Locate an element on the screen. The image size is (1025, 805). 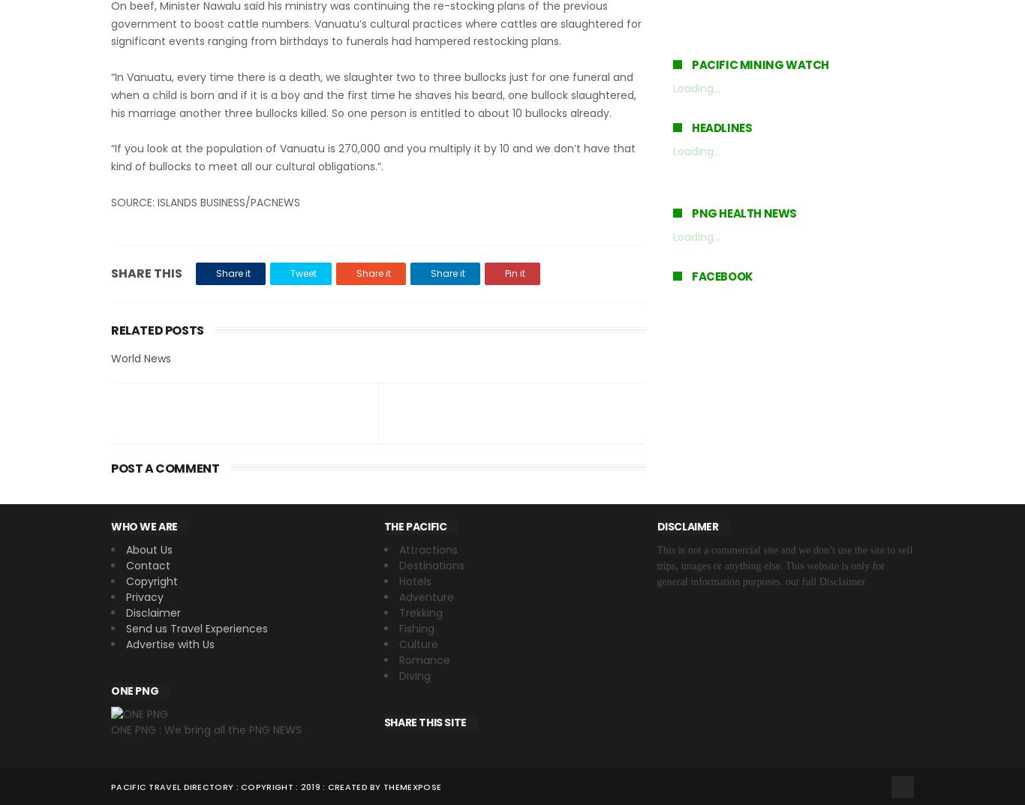
'ONE PNG' is located at coordinates (134, 690).